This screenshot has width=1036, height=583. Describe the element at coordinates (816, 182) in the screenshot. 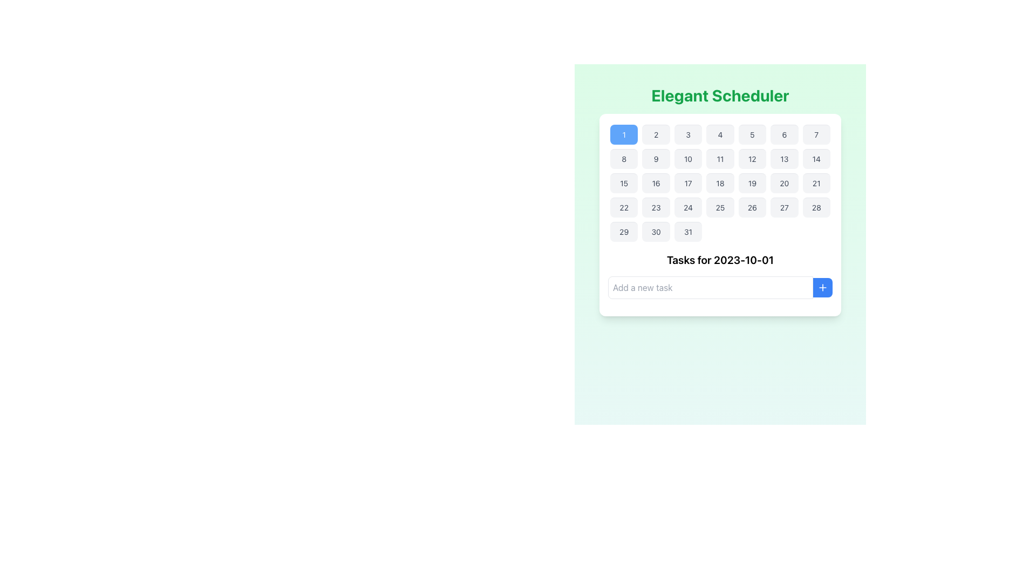

I see `the button representing the 21st day of the month` at that location.